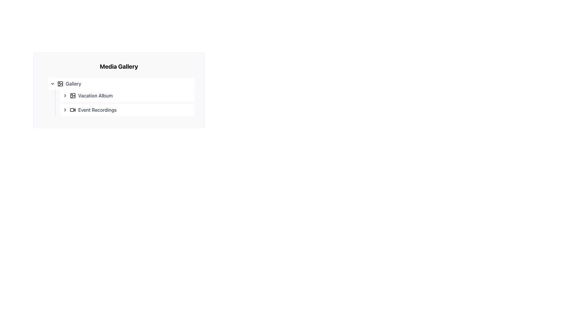 Image resolution: width=571 pixels, height=321 pixels. What do you see at coordinates (97, 110) in the screenshot?
I see `the text label 'Event Recordings' which is displayed in gray color and is the last item in the 'Media Gallery' panel` at bounding box center [97, 110].